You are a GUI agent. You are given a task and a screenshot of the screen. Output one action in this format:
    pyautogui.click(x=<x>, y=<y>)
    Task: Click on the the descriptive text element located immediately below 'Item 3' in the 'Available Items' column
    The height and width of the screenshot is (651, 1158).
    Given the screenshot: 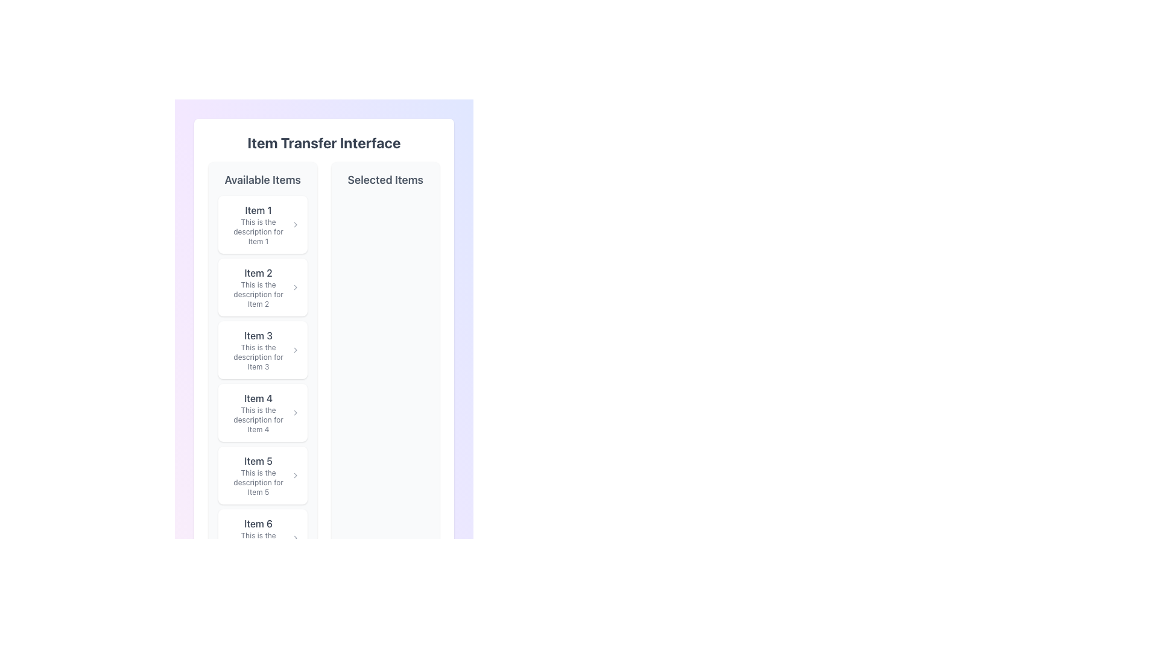 What is the action you would take?
    pyautogui.click(x=258, y=357)
    